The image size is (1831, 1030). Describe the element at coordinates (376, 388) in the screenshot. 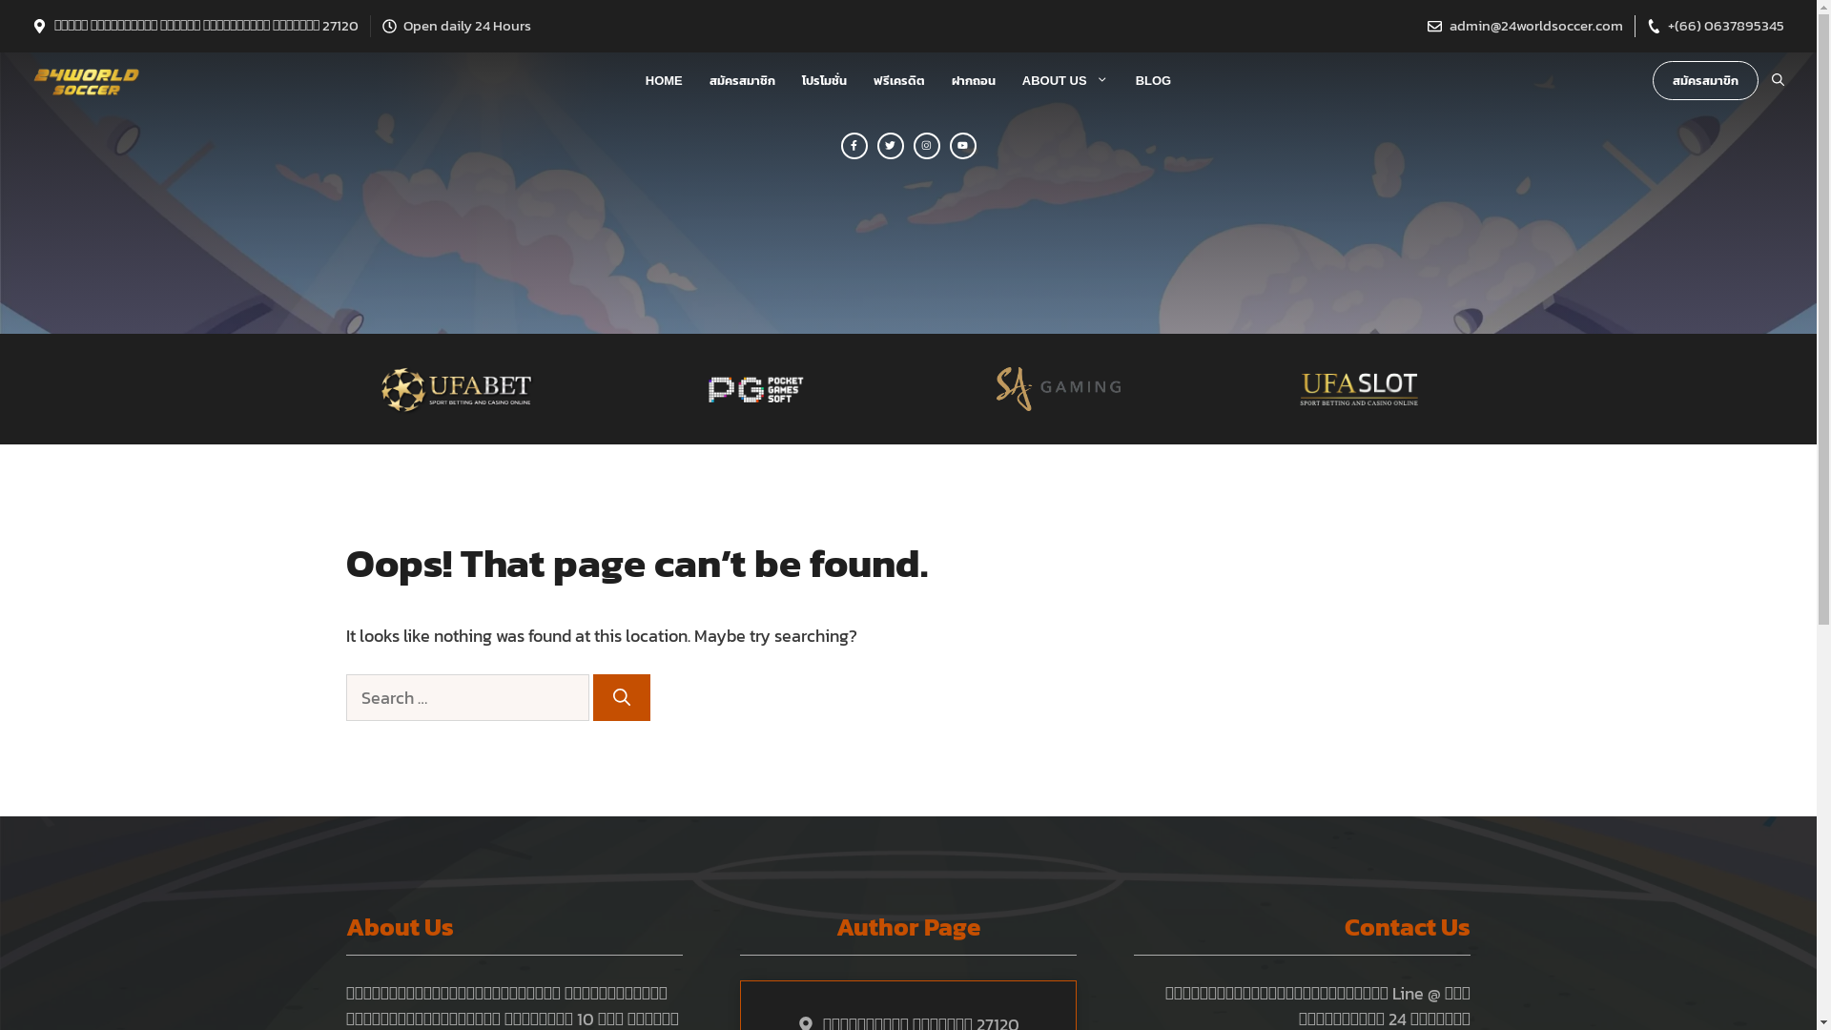

I see `'logoagufa-768x250'` at that location.